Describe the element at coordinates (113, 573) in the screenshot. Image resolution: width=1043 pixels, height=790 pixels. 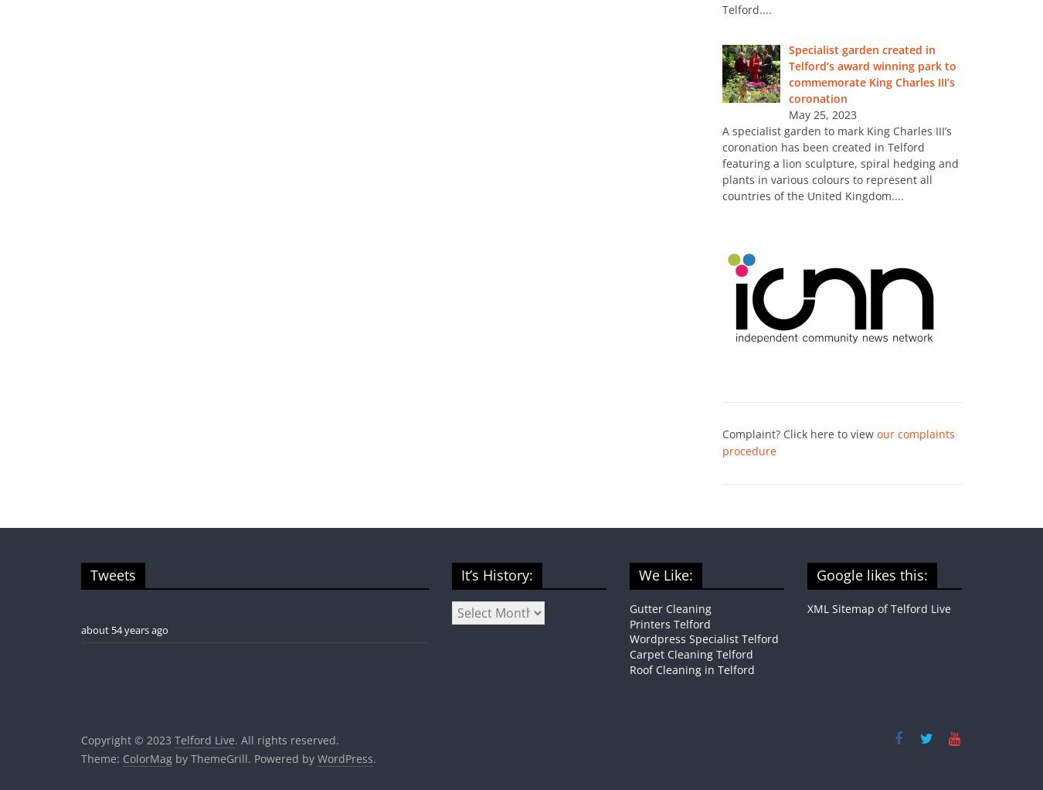
I see `'Tweets'` at that location.